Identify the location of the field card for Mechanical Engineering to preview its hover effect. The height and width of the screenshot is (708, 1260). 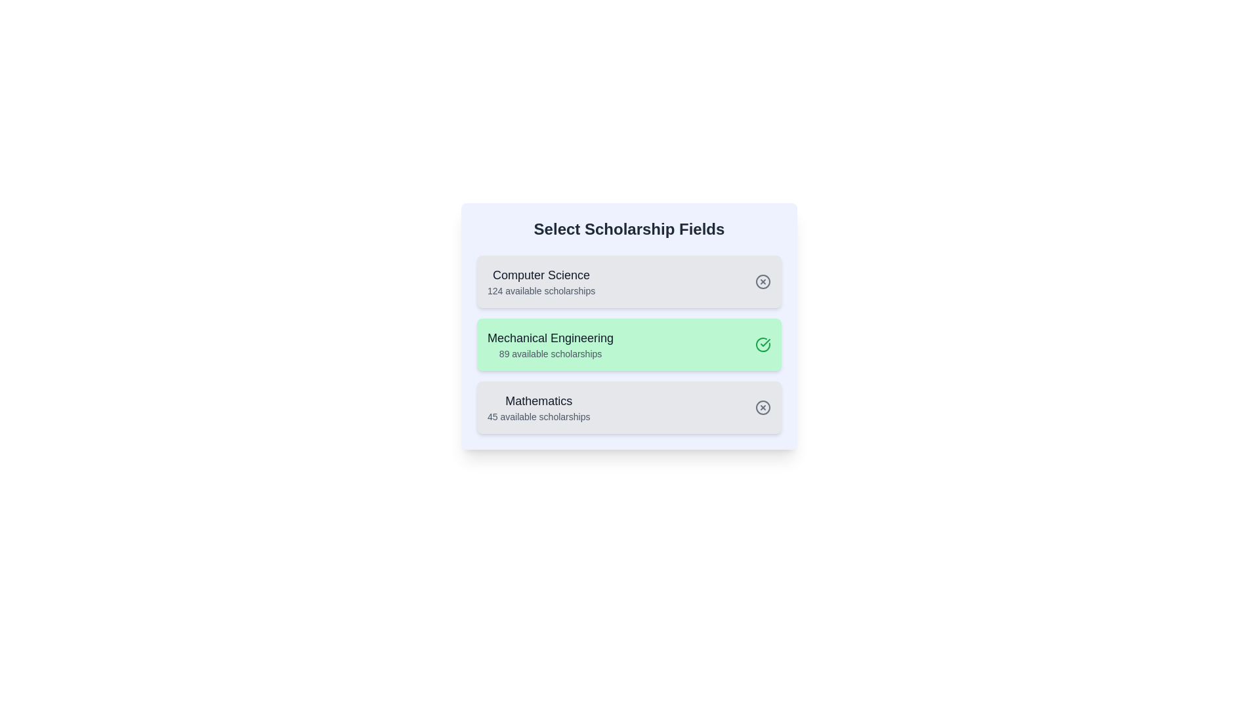
(629, 344).